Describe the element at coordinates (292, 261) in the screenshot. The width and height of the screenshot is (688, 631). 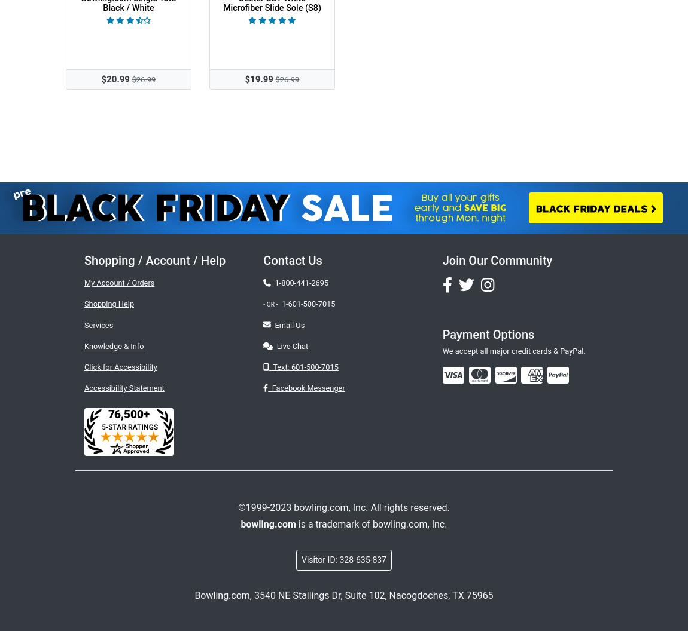
I see `'Contact Us'` at that location.